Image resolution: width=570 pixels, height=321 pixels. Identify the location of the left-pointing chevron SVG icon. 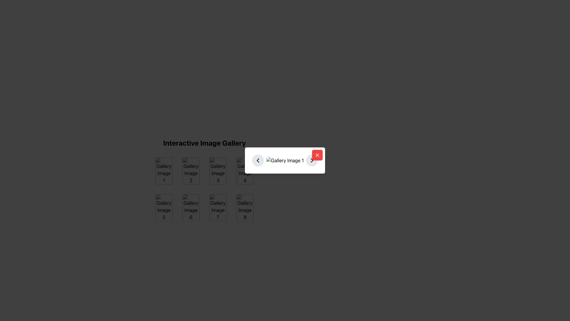
(258, 160).